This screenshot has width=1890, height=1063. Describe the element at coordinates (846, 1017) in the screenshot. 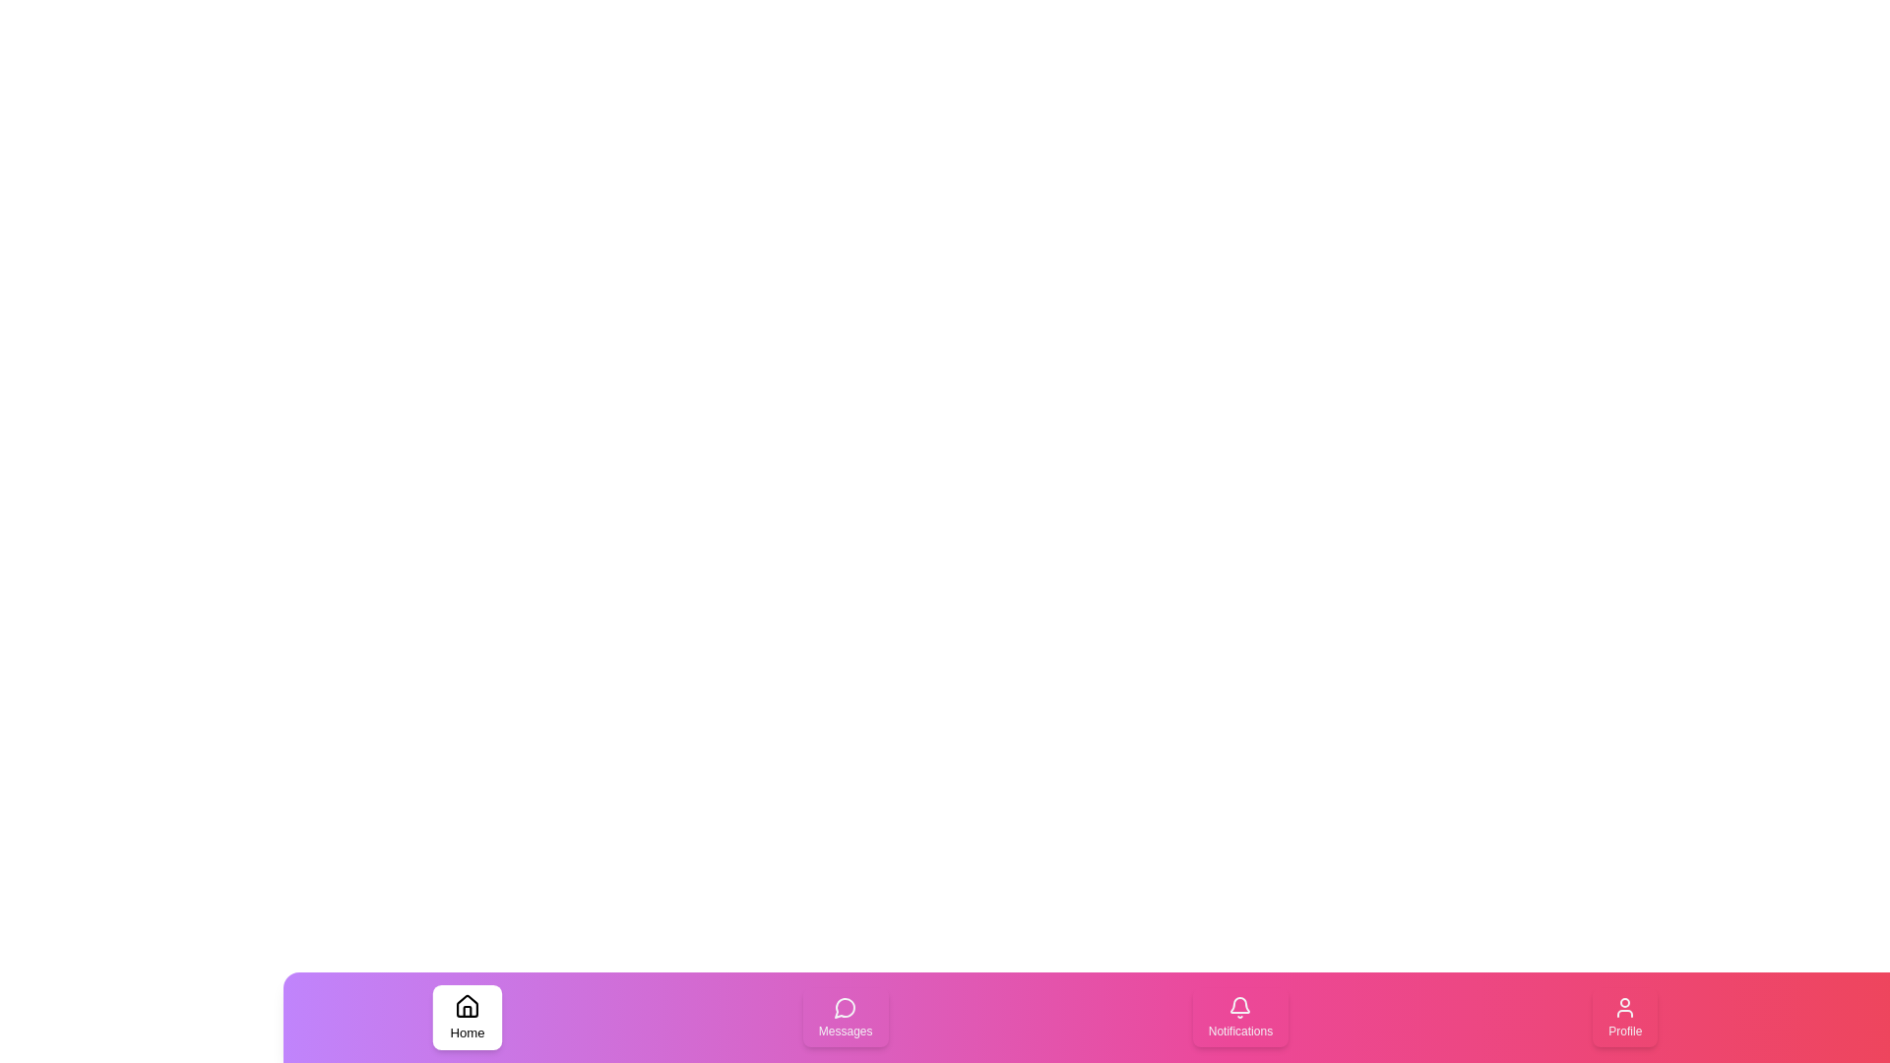

I see `the tab labeled Messages by clicking on it` at that location.